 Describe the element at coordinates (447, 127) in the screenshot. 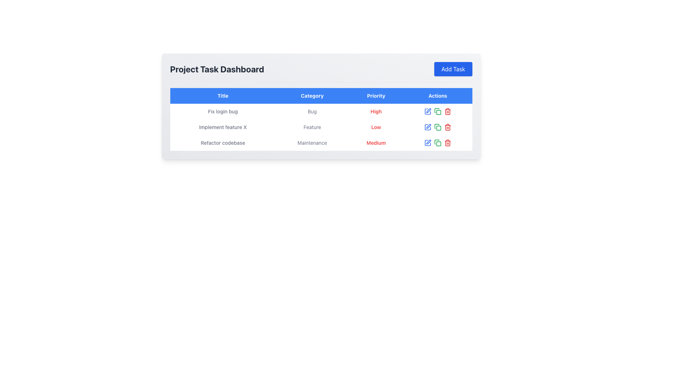

I see `the red trash icon button, which is the third icon in the 'Actions' column of the second row in the table` at that location.